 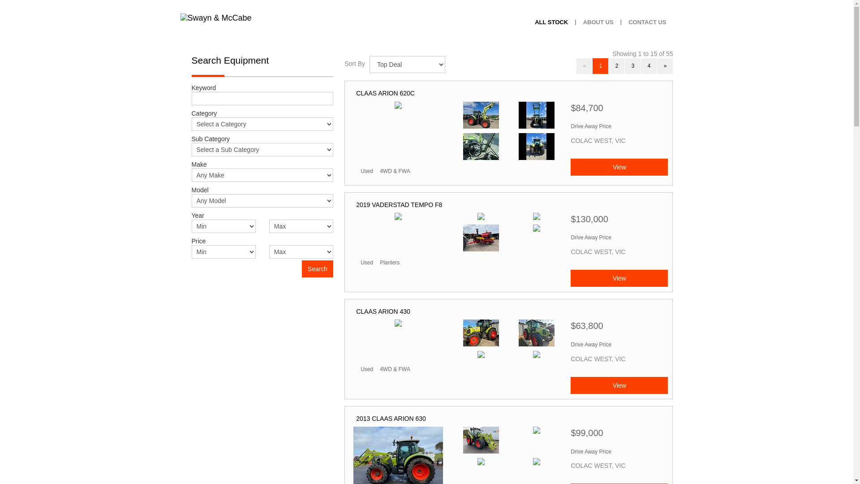 What do you see at coordinates (608, 65) in the screenshot?
I see `'2'` at bounding box center [608, 65].